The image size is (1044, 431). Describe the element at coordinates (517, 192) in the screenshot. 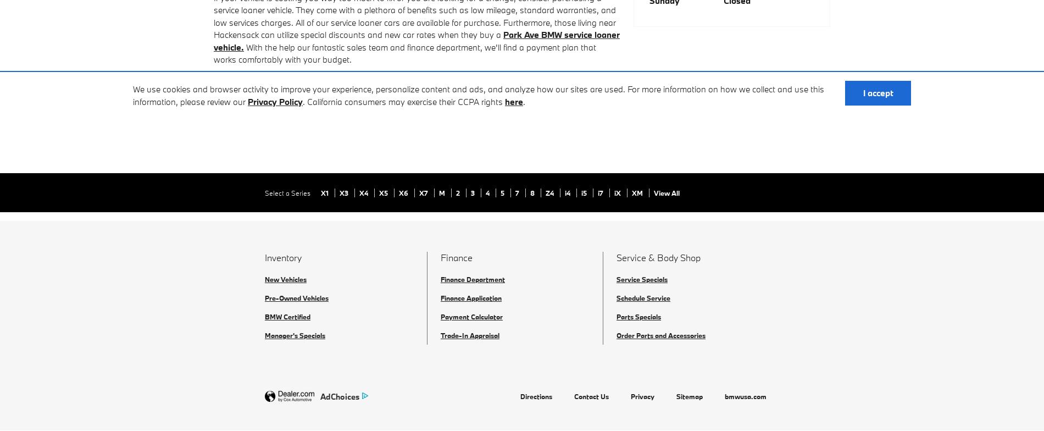

I see `'7'` at that location.